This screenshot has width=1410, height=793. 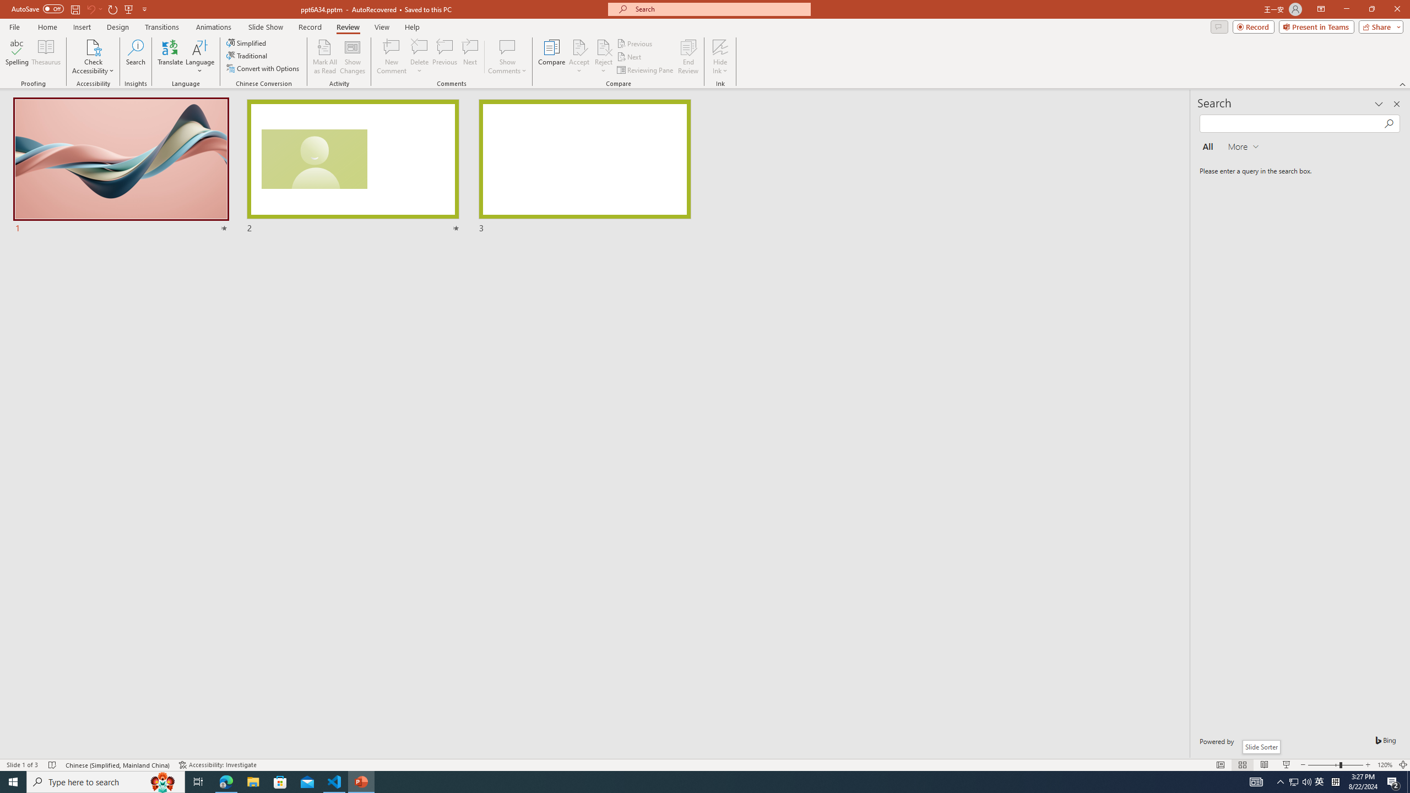 What do you see at coordinates (382, 27) in the screenshot?
I see `'View'` at bounding box center [382, 27].